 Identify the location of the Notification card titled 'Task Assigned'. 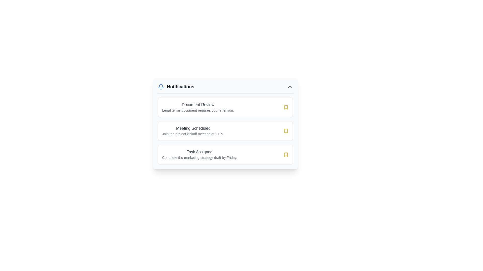
(225, 154).